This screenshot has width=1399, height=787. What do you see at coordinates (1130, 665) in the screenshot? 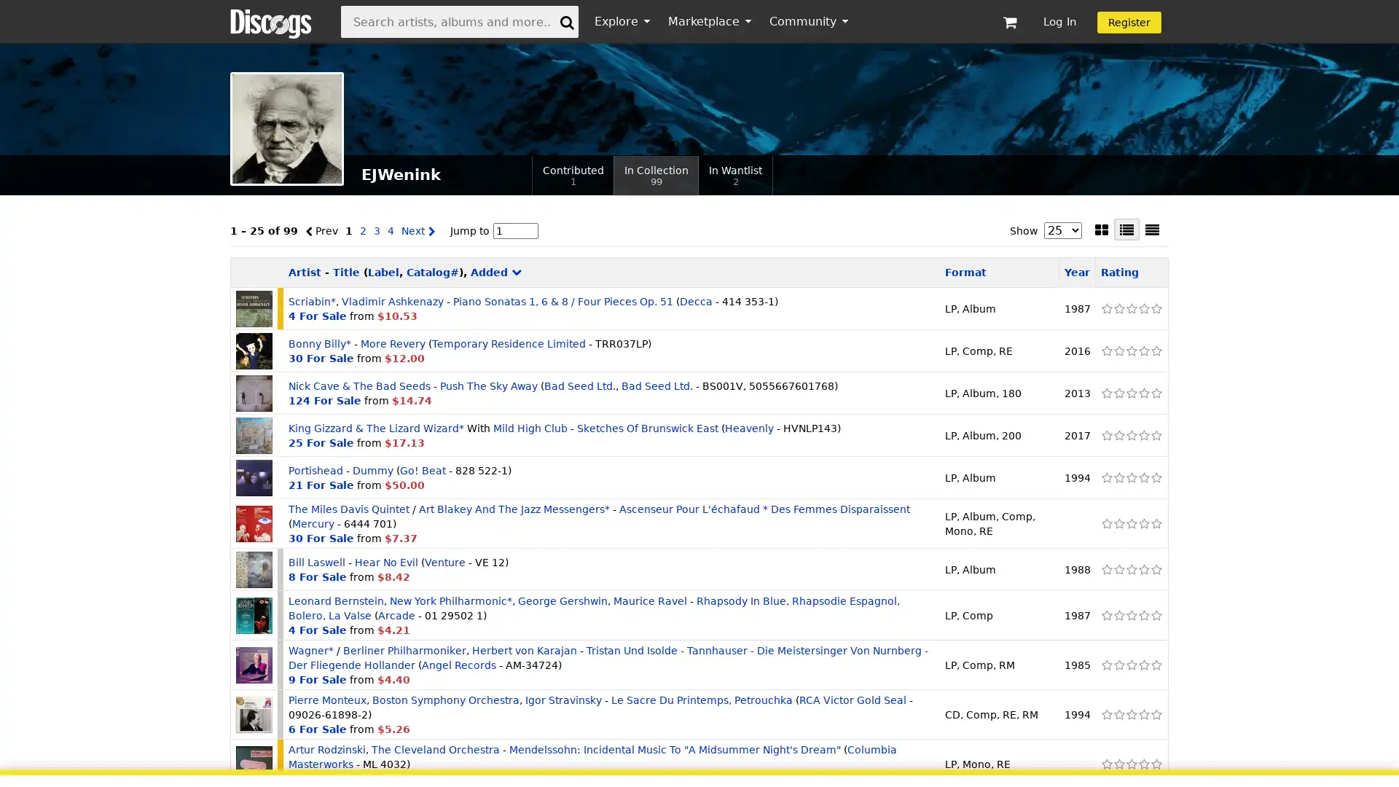
I see `Rate this release 3 stars.` at bounding box center [1130, 665].